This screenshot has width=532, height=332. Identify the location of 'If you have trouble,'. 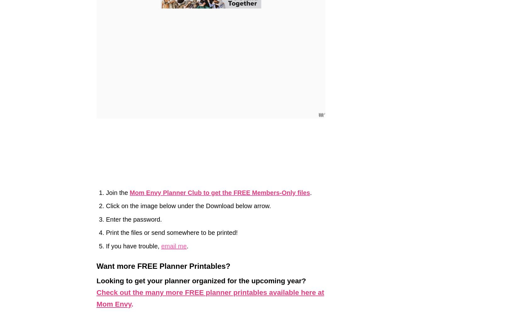
(133, 245).